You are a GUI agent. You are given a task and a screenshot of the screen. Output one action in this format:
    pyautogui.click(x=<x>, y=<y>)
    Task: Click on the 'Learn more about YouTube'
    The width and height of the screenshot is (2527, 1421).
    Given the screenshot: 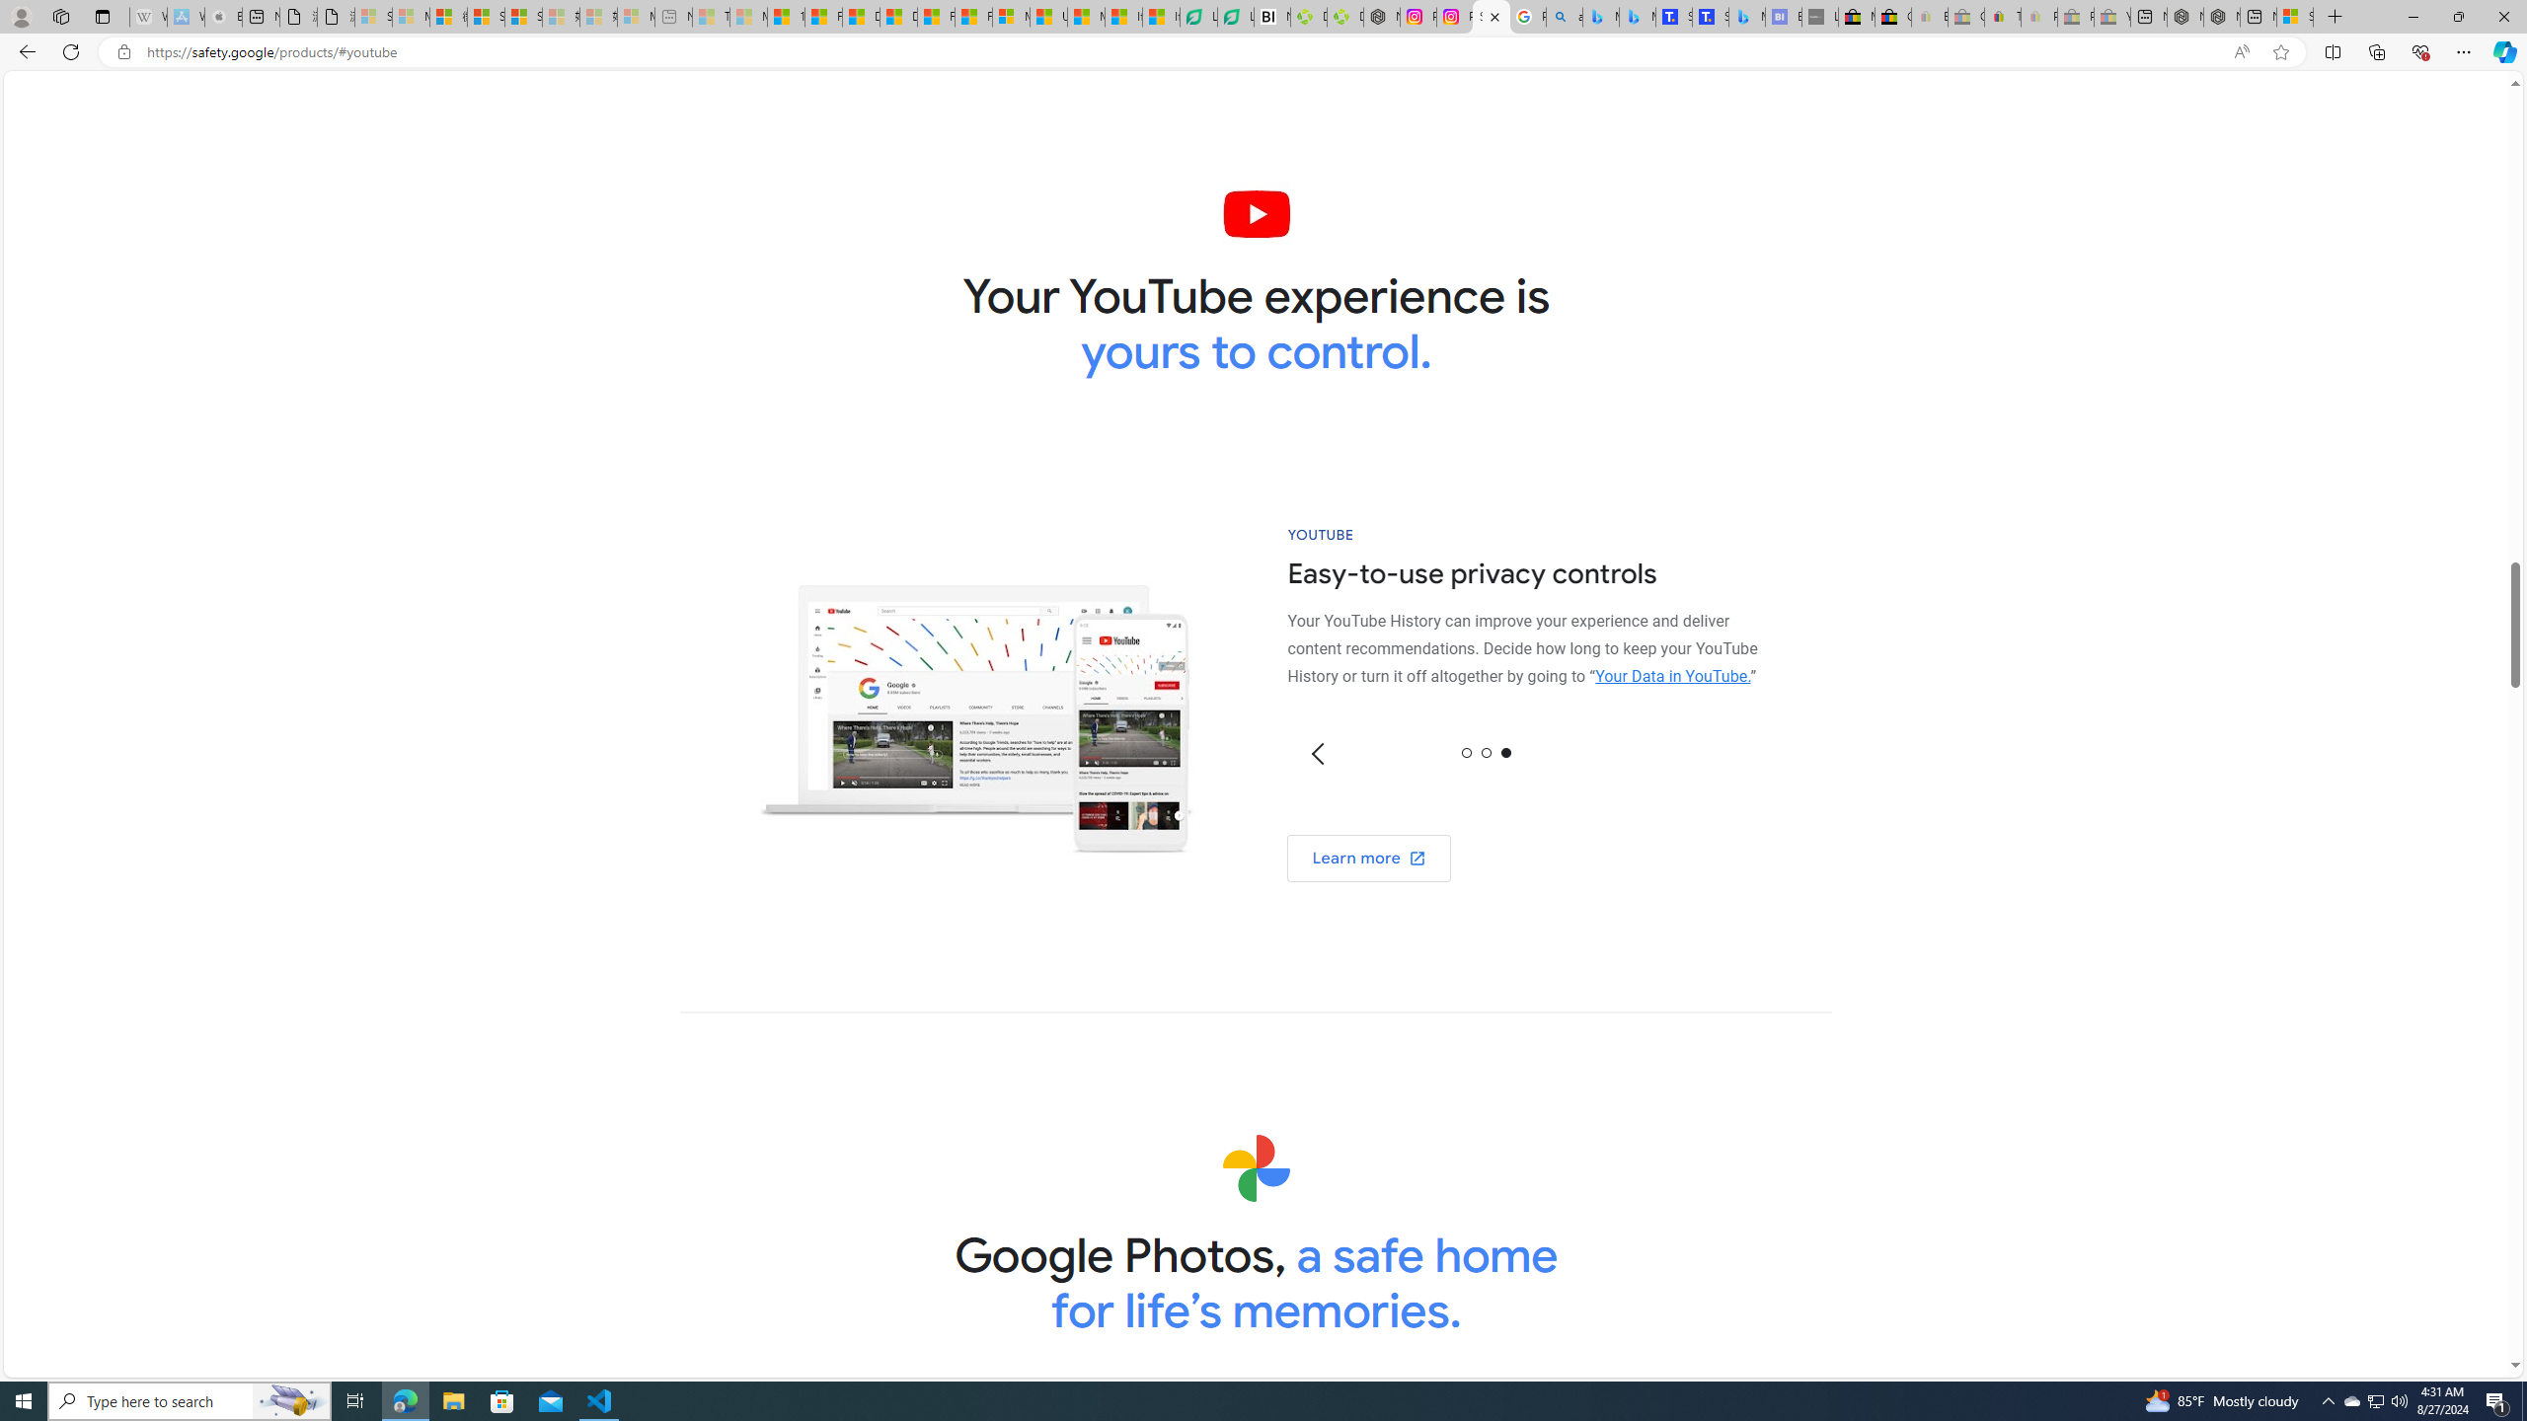 What is the action you would take?
    pyautogui.click(x=1368, y=858)
    